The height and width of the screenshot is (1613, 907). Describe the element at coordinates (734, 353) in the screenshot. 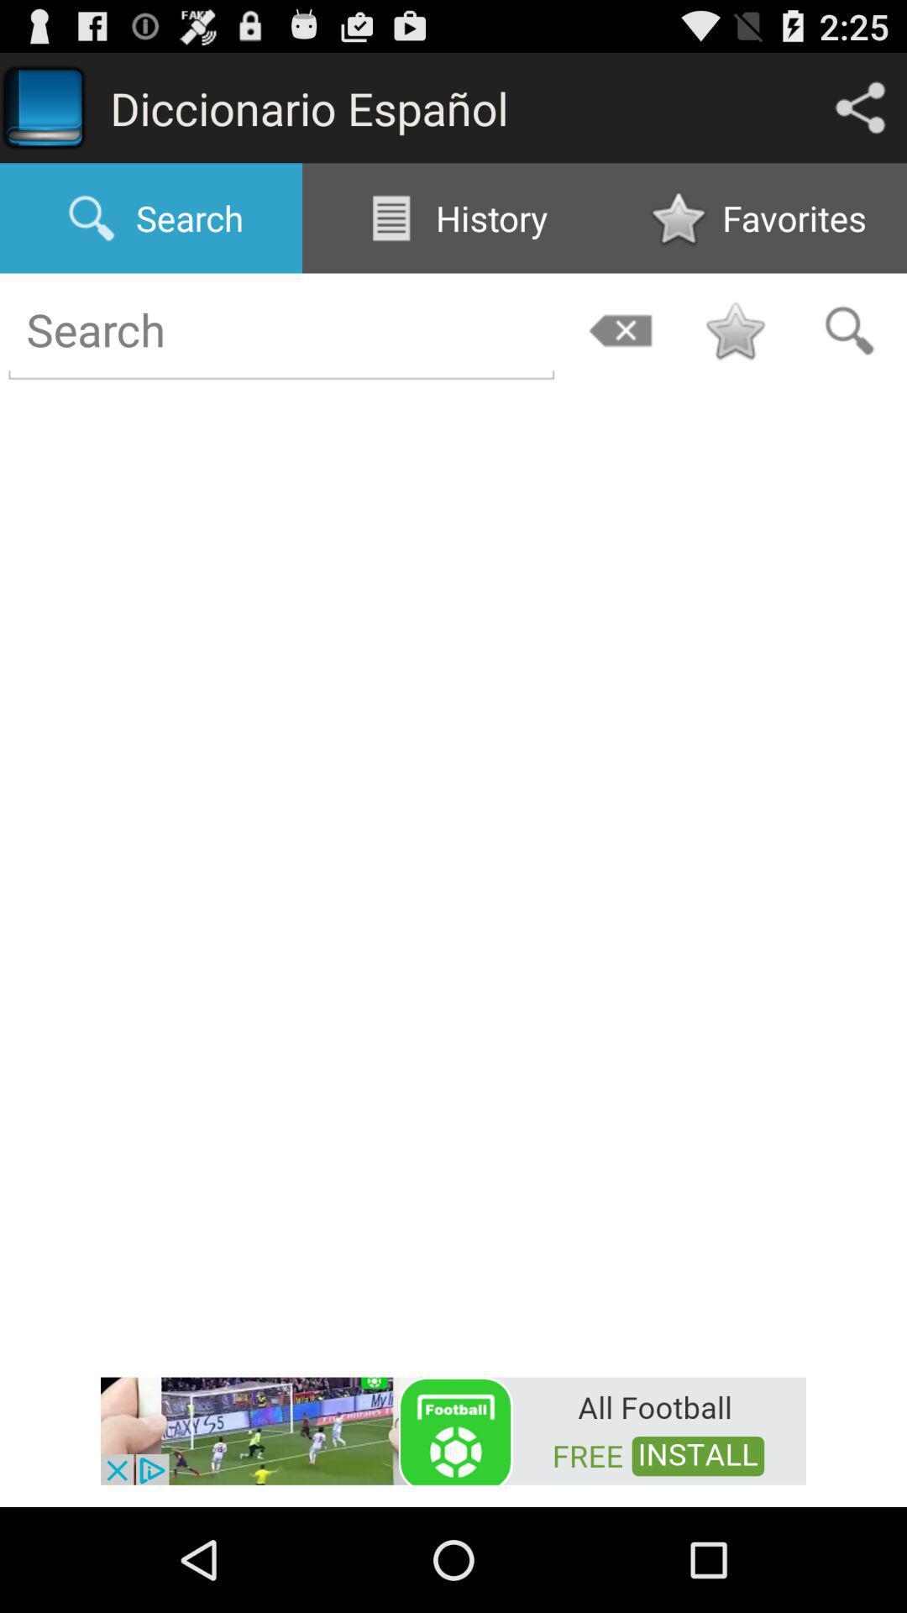

I see `the star icon` at that location.